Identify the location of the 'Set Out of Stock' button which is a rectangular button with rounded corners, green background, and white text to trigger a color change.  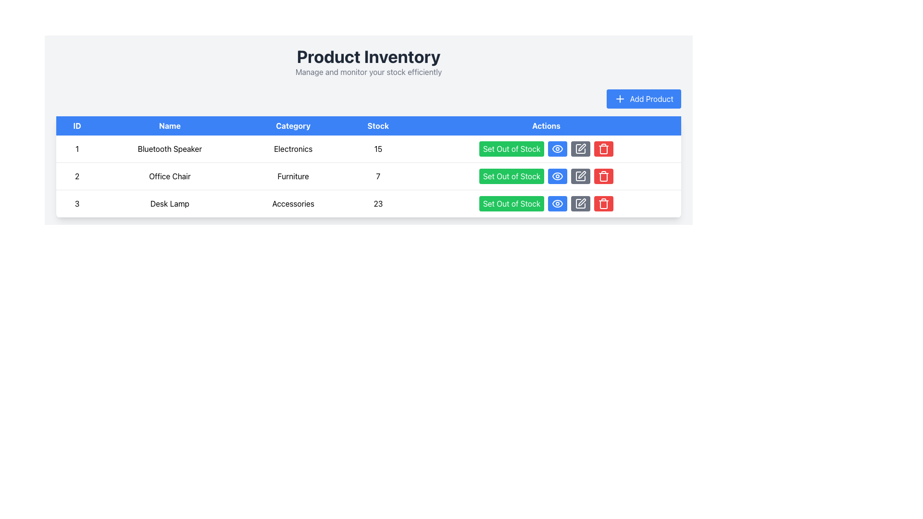
(511, 176).